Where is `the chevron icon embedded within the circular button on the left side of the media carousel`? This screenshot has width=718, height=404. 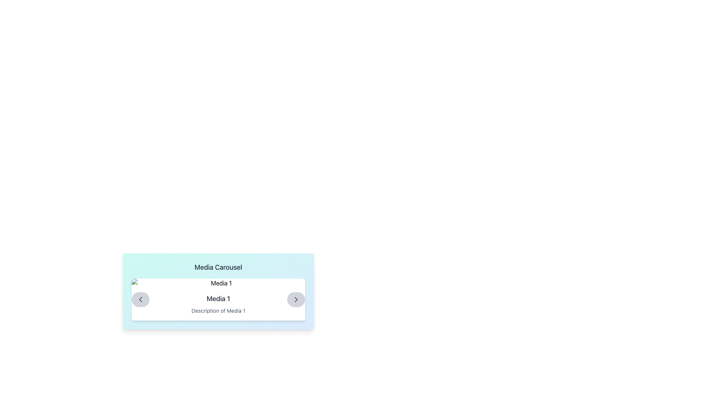 the chevron icon embedded within the circular button on the left side of the media carousel is located at coordinates (140, 299).